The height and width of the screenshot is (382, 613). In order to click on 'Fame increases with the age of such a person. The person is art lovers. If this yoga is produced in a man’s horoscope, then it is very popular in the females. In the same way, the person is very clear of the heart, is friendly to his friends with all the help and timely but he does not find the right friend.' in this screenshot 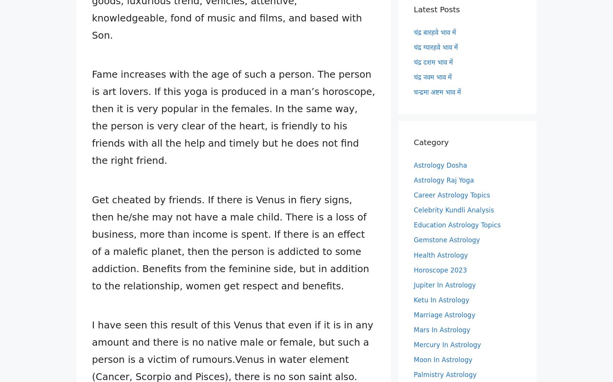, I will do `click(233, 117)`.